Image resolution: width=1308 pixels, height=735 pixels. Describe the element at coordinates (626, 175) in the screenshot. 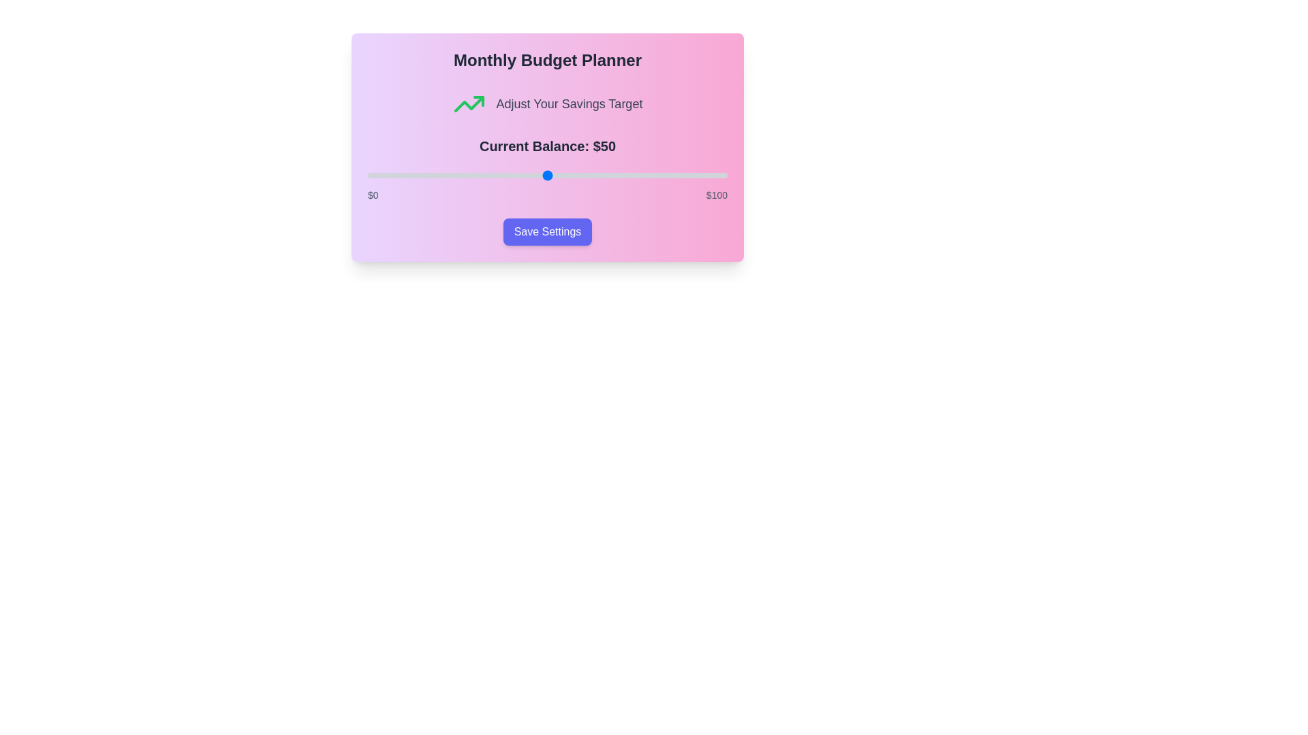

I see `the slider to set the balance to 72 value` at that location.